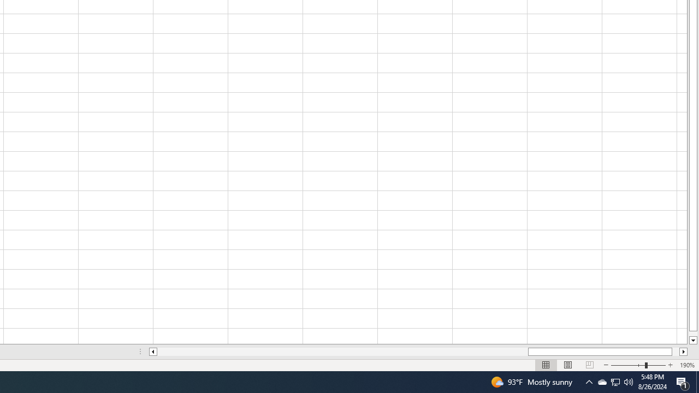  I want to click on 'Normal', so click(546, 365).